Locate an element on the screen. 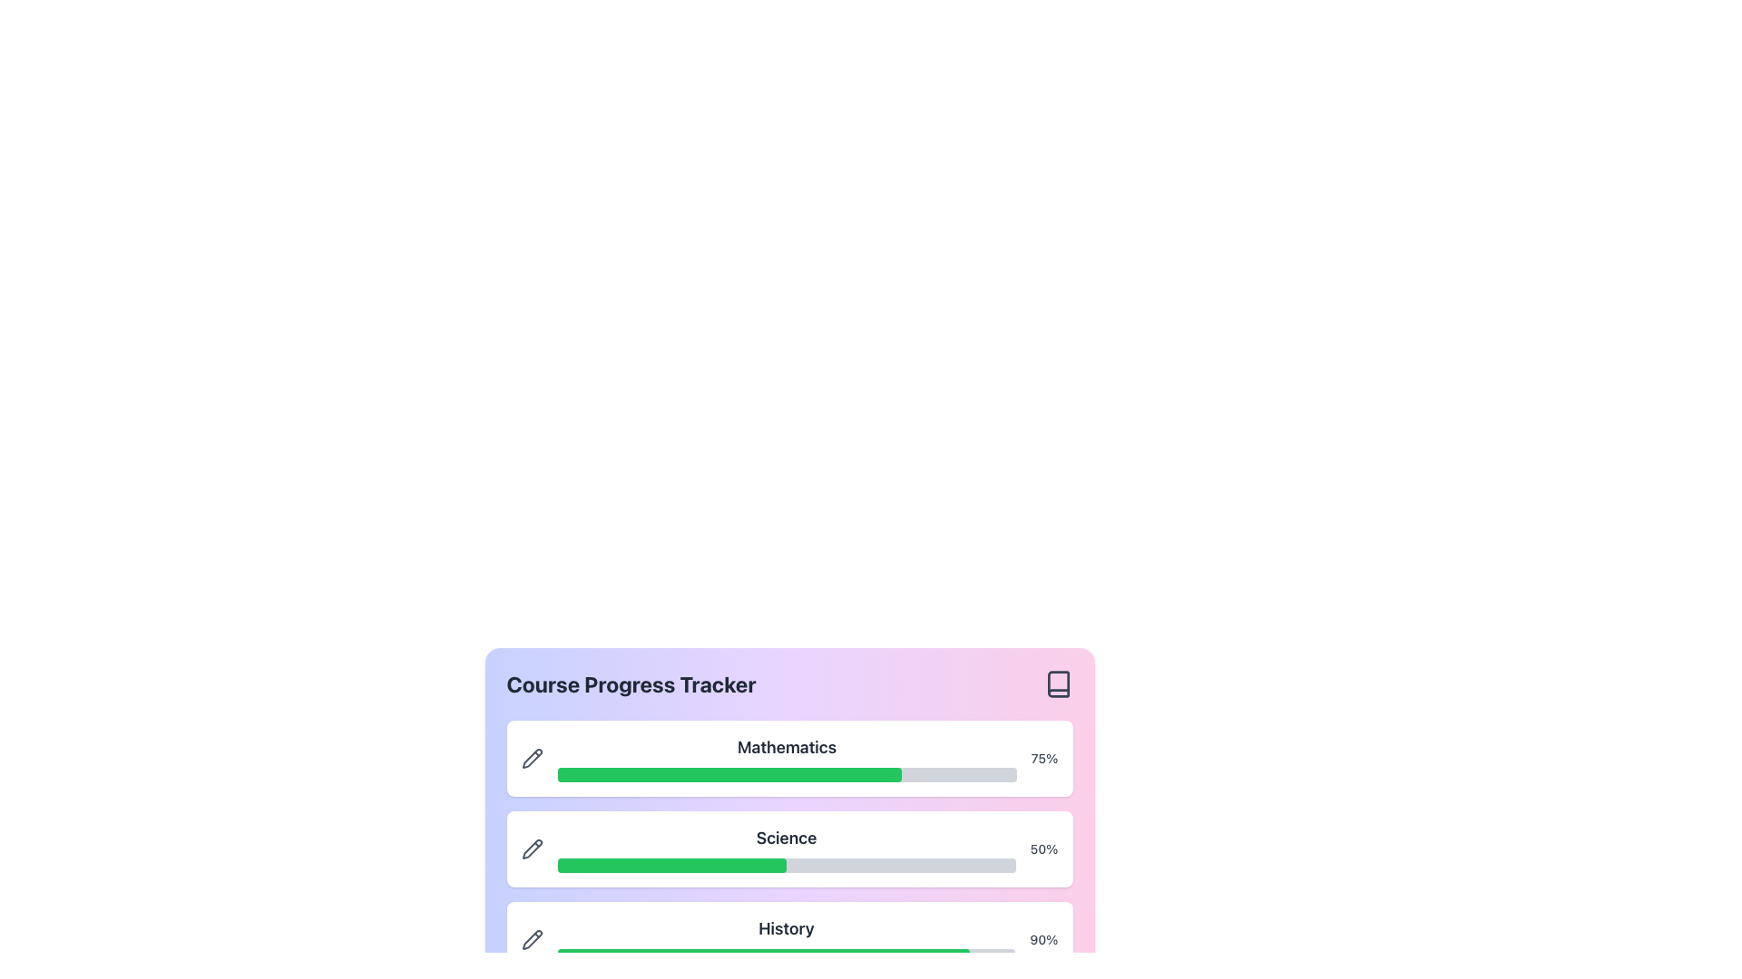 The image size is (1742, 979). the book icon located in the top-right corner of the 'Course Progress Tracker' module is located at coordinates (1058, 684).